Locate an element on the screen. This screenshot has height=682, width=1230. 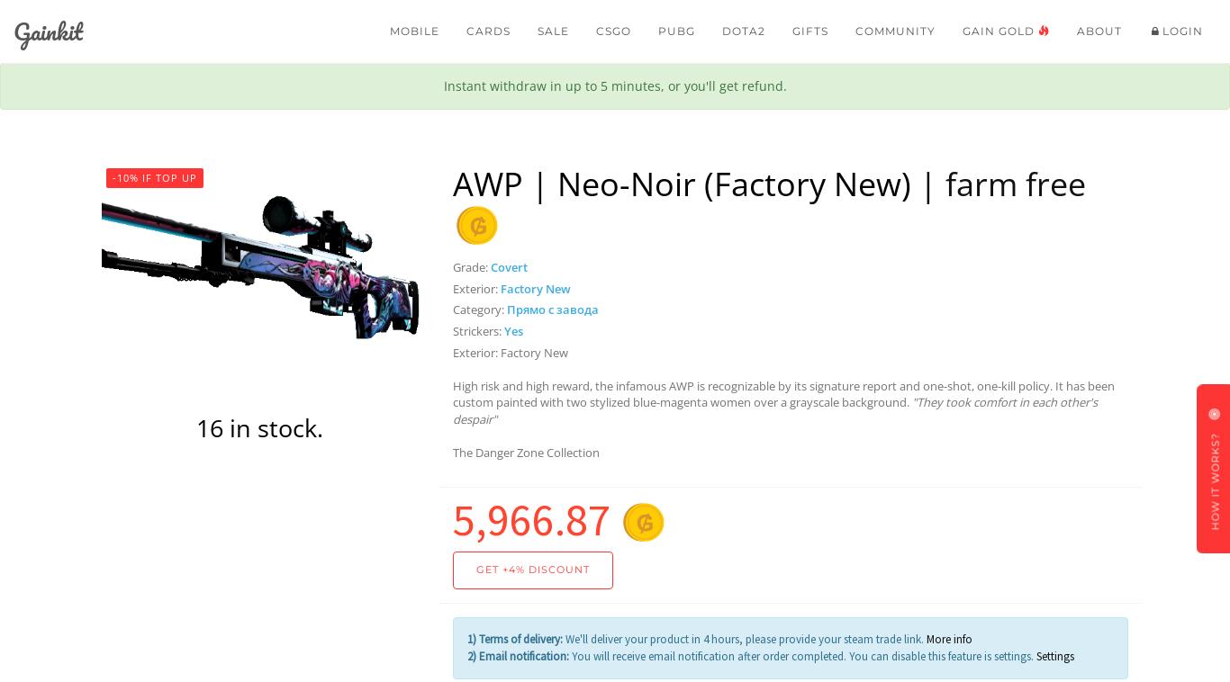
'Grade:' is located at coordinates (471, 266).